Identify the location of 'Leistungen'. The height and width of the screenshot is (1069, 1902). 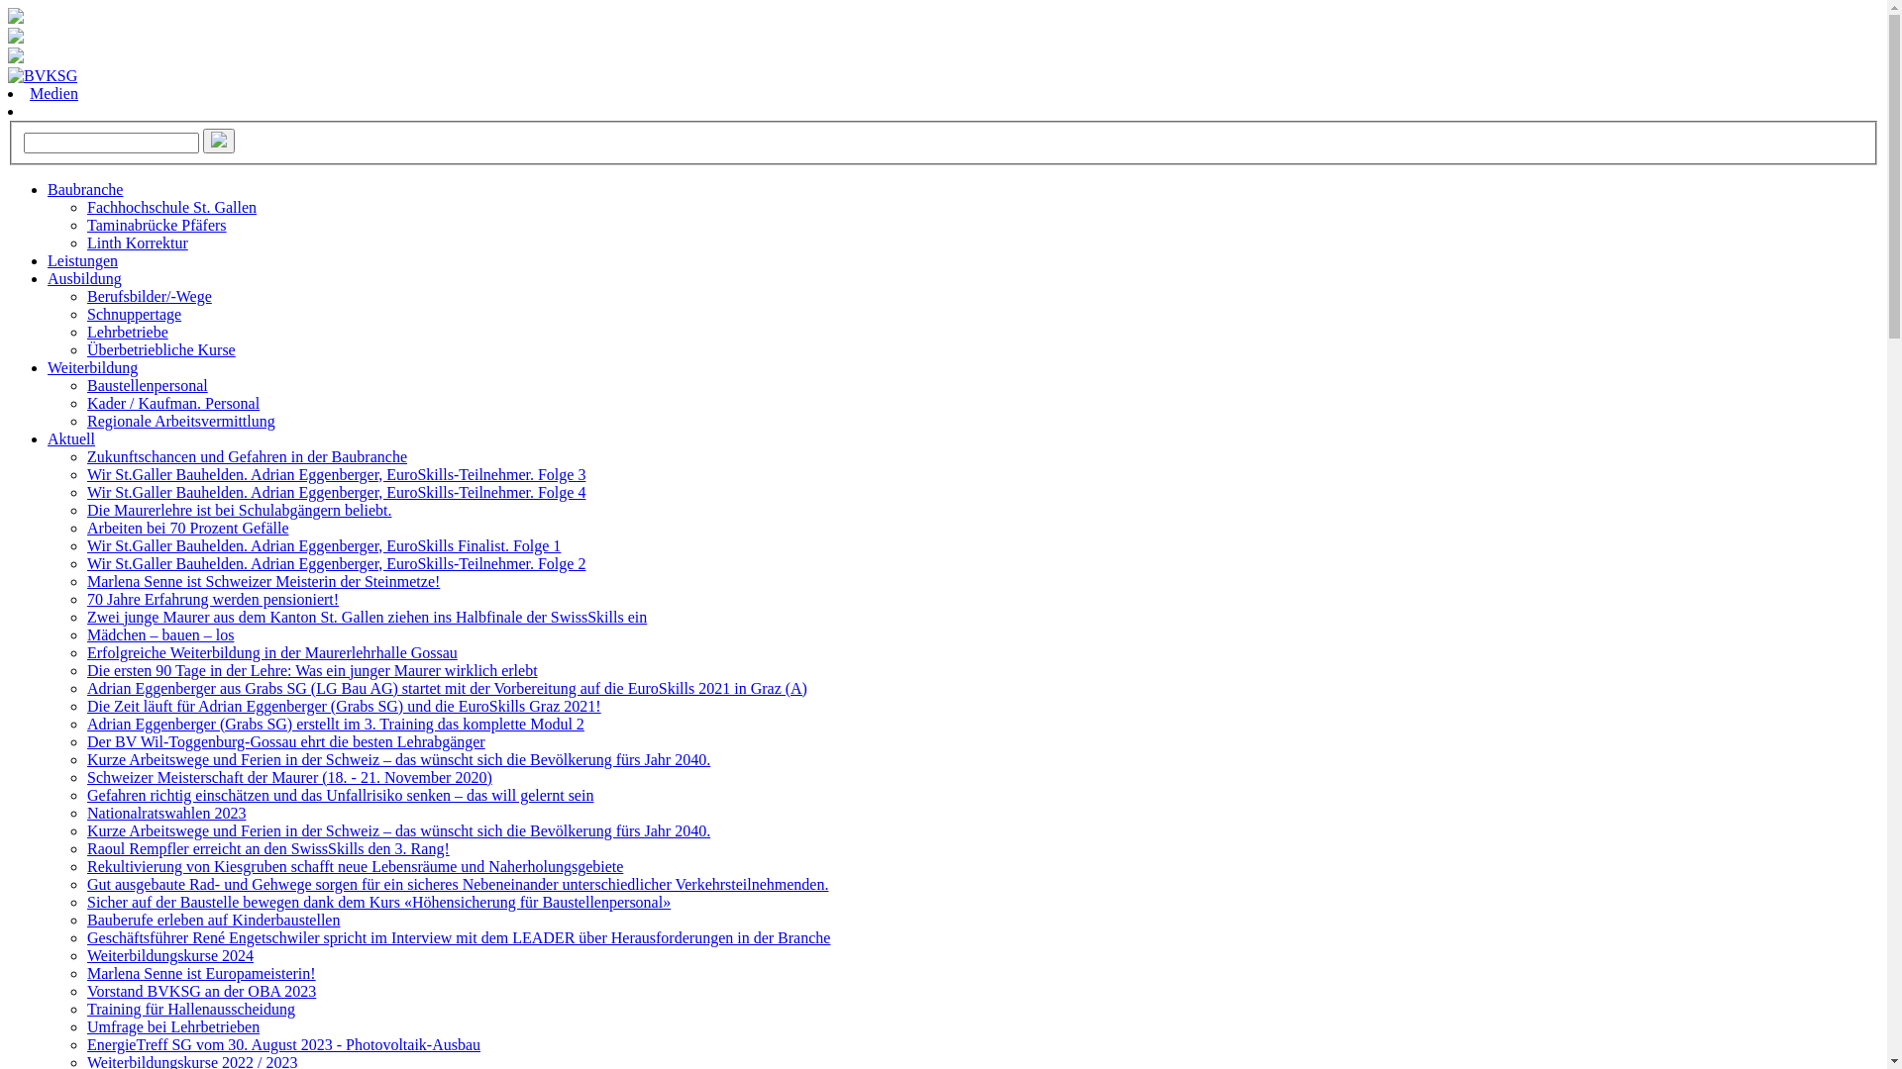
(48, 259).